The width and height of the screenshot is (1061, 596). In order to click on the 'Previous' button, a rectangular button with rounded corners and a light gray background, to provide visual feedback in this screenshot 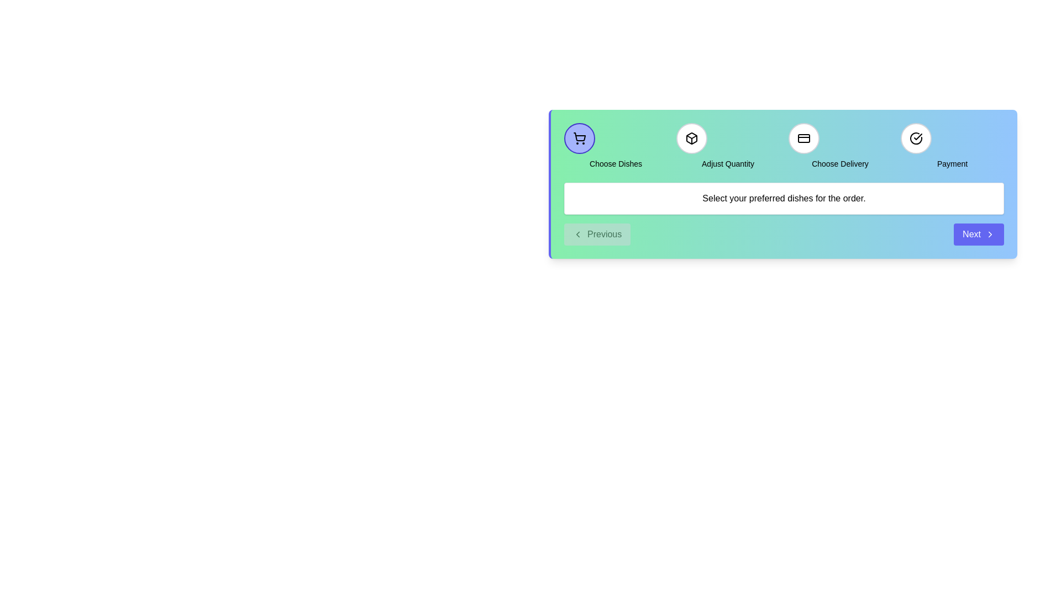, I will do `click(597, 233)`.